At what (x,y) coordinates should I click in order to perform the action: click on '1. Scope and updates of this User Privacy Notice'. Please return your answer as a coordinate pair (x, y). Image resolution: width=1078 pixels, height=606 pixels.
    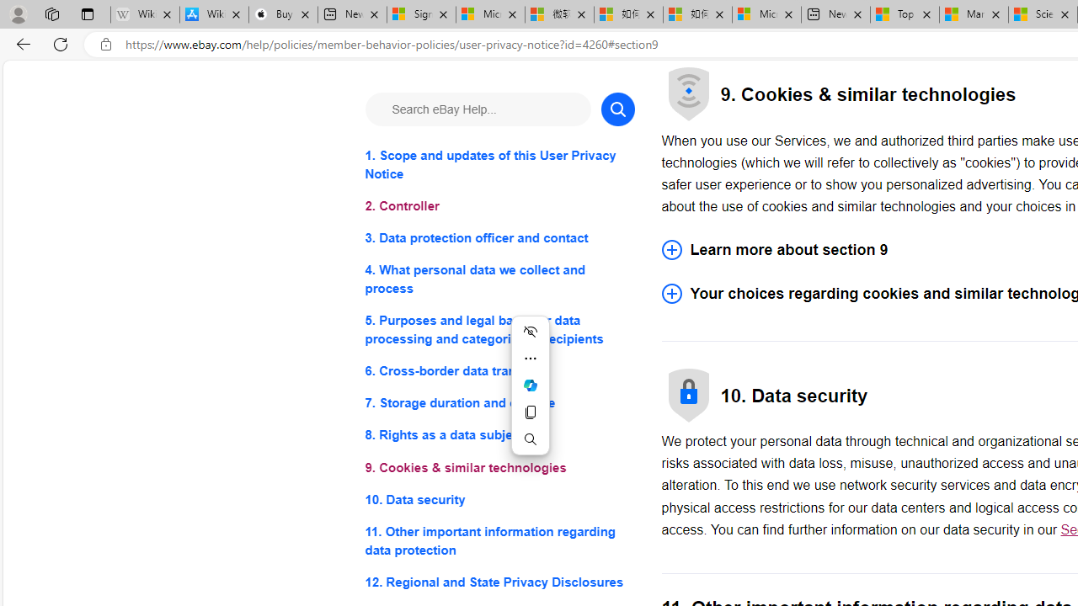
    Looking at the image, I should click on (499, 165).